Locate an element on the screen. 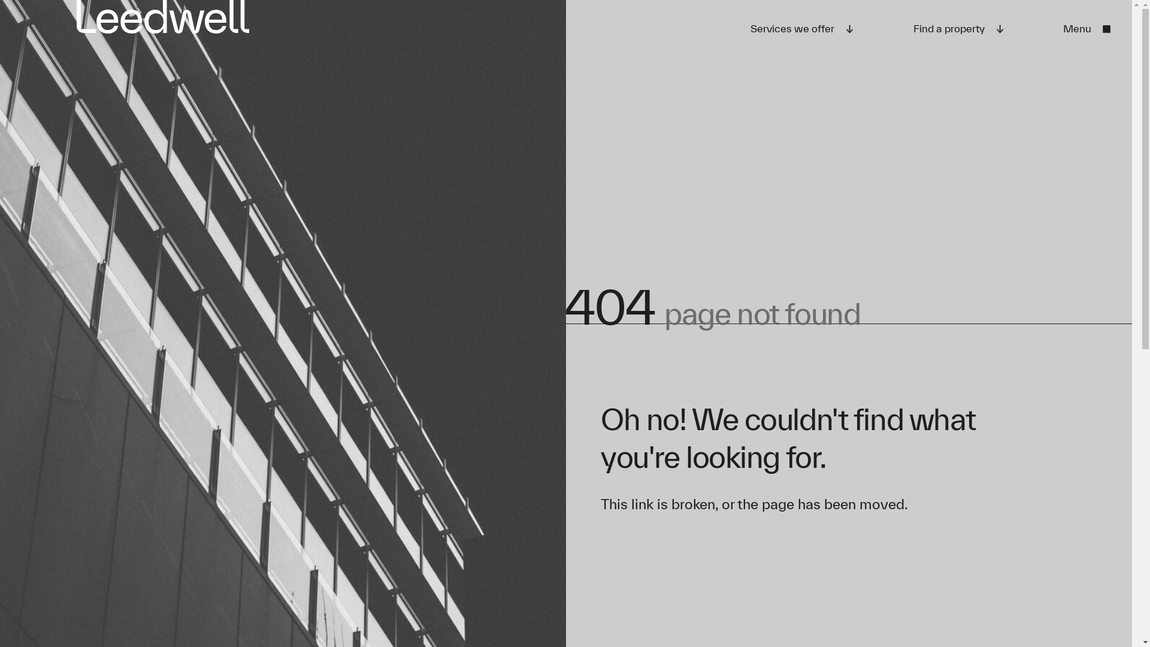 This screenshot has height=647, width=1150. 'Find a property' is located at coordinates (960, 29).